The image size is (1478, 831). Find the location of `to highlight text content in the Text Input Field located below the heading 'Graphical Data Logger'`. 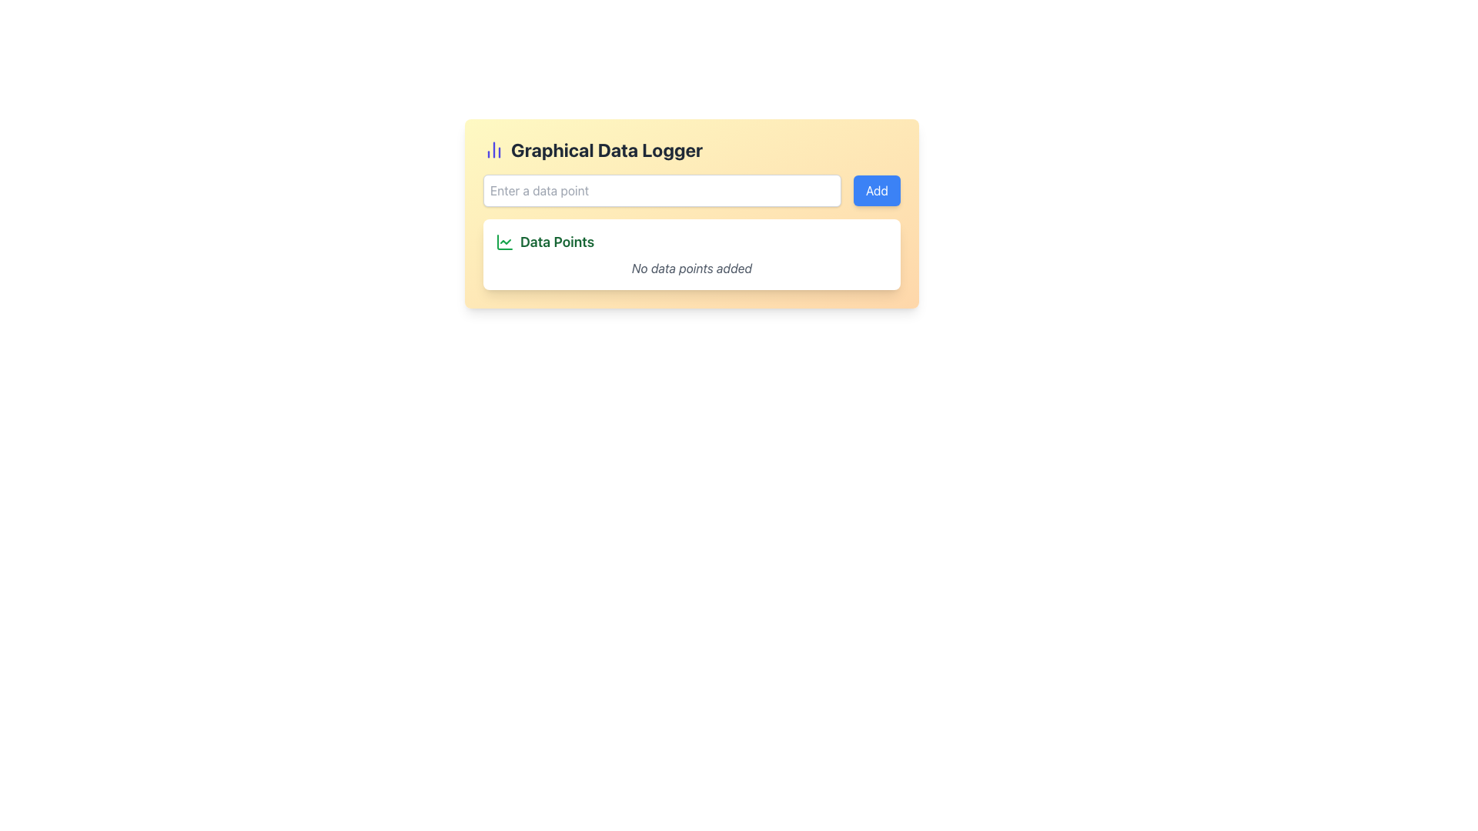

to highlight text content in the Text Input Field located below the heading 'Graphical Data Logger' is located at coordinates (691, 189).